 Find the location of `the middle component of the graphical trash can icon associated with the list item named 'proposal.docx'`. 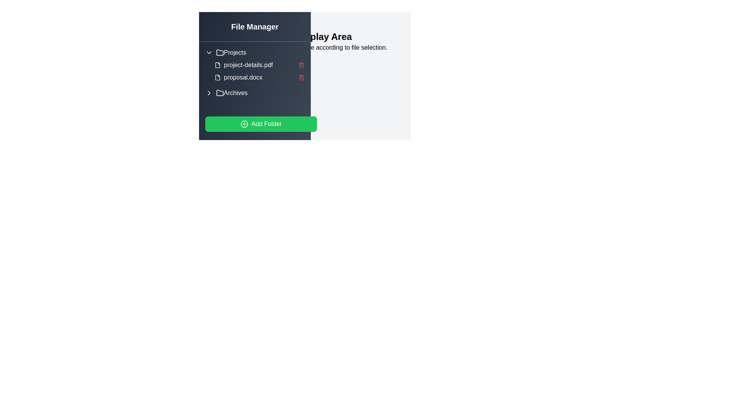

the middle component of the graphical trash can icon associated with the list item named 'proposal.docx' is located at coordinates (301, 65).